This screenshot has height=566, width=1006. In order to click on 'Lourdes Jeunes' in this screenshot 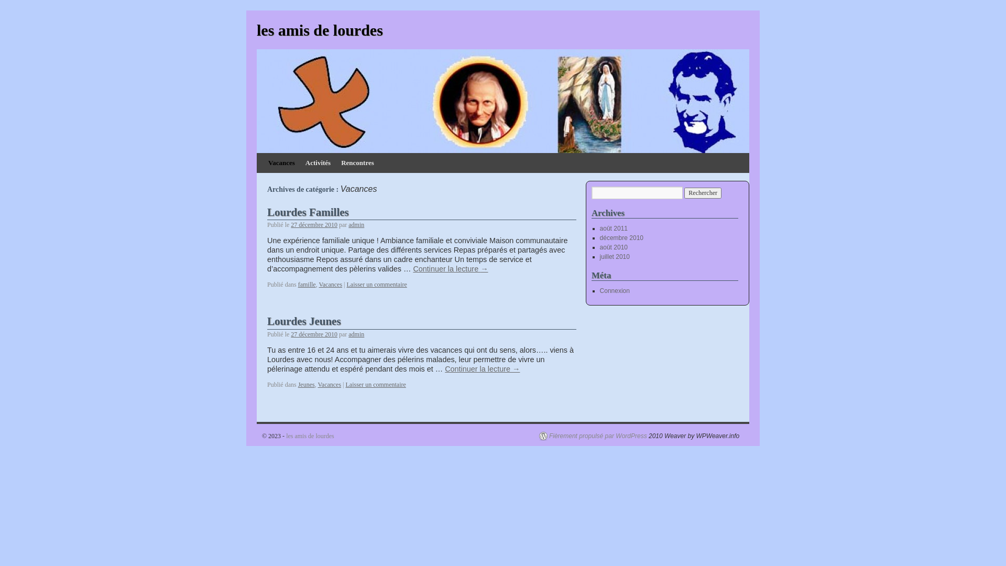, I will do `click(303, 321)`.